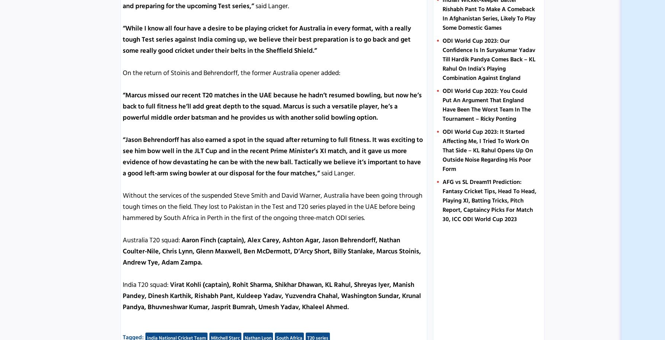 The height and width of the screenshot is (340, 665). What do you see at coordinates (122, 295) in the screenshot?
I see `'Virat Kohli (captain), Rohit Sharma, Shikhar Dhawan, KL Rahul, Shreyas Iyer, Manish Pandey, Dinesh Karthik, Rishabh Pant, Kuldeep Yadav, Yuzvendra Chahal, Washington Sundar, Krunal Pandya, Bhuvneshwar Kumar, Jasprit Bumrah, Umesh Yadav, Khaleel Ahmed.'` at bounding box center [122, 295].